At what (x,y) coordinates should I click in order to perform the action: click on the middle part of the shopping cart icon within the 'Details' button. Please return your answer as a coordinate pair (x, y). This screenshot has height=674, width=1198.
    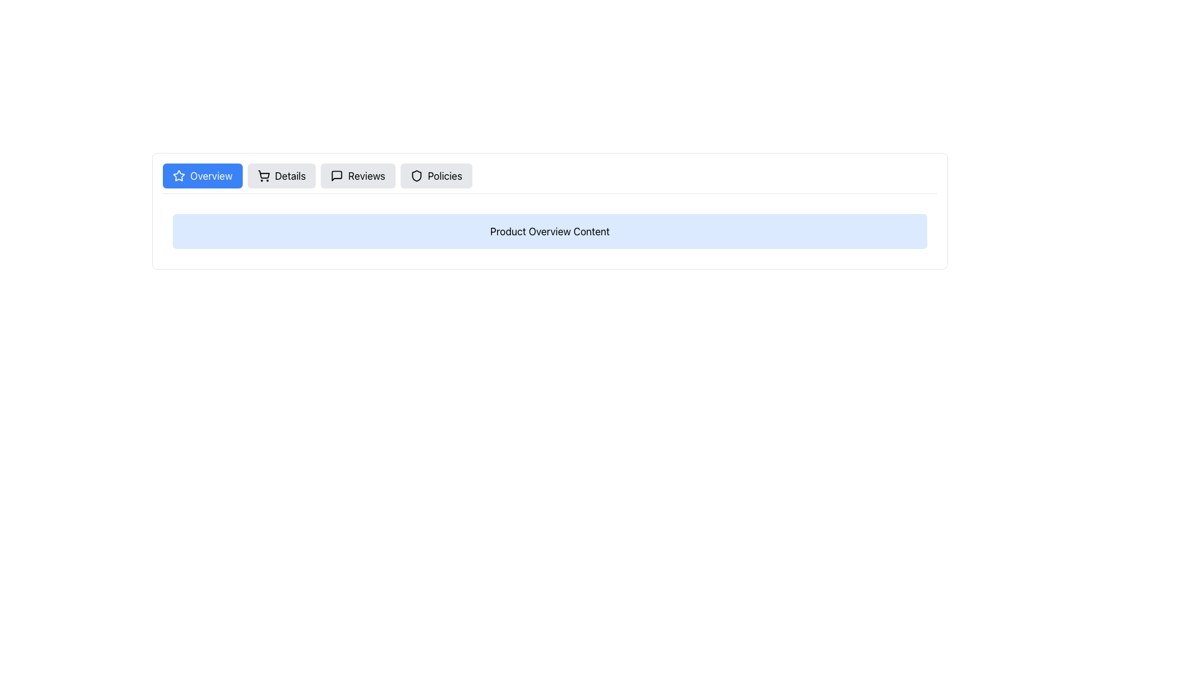
    Looking at the image, I should click on (263, 173).